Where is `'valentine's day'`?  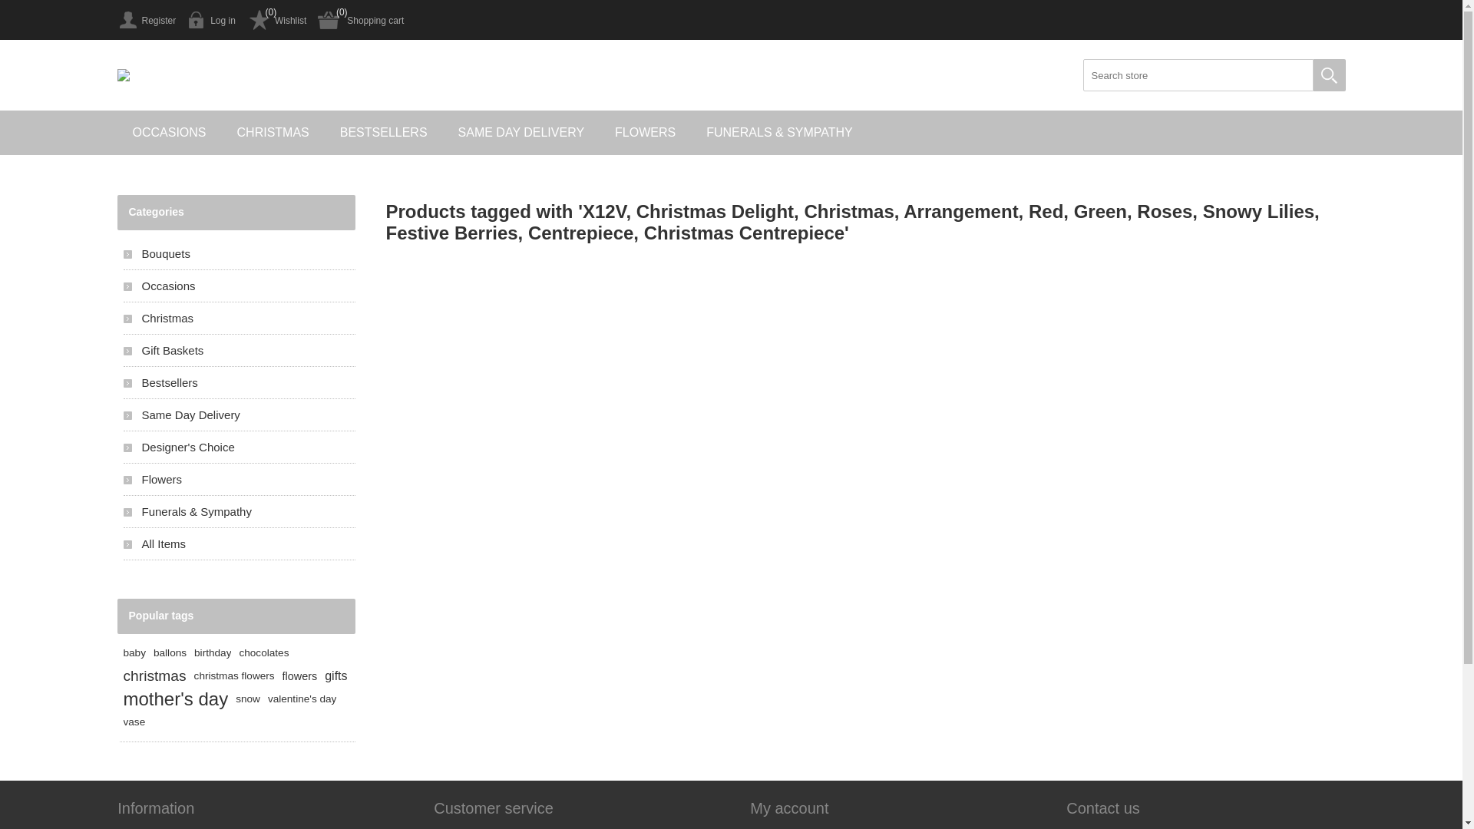
'valentine's day' is located at coordinates (302, 699).